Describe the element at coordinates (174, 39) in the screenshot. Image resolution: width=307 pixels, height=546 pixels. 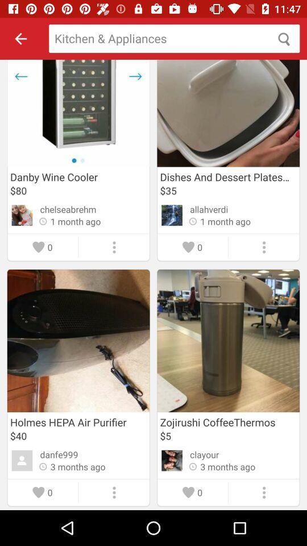
I see `search` at that location.